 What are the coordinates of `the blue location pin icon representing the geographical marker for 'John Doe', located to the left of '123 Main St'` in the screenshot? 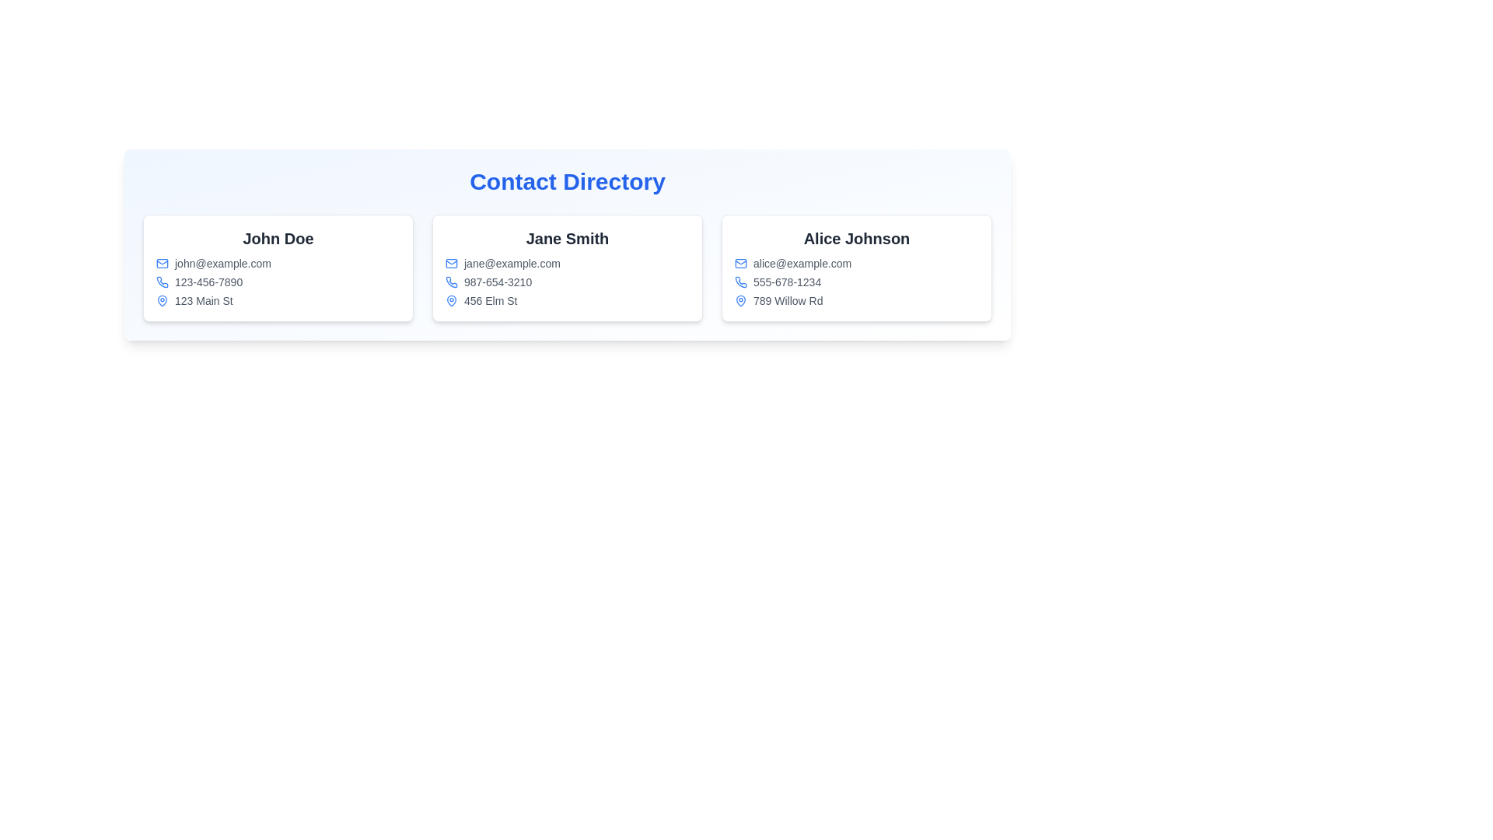 It's located at (163, 300).